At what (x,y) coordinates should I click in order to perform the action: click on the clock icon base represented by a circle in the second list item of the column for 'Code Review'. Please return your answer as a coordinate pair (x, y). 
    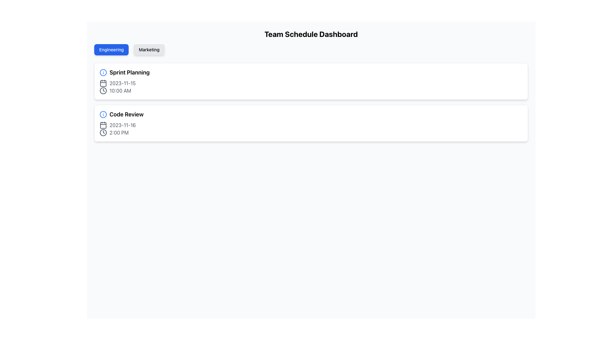
    Looking at the image, I should click on (103, 132).